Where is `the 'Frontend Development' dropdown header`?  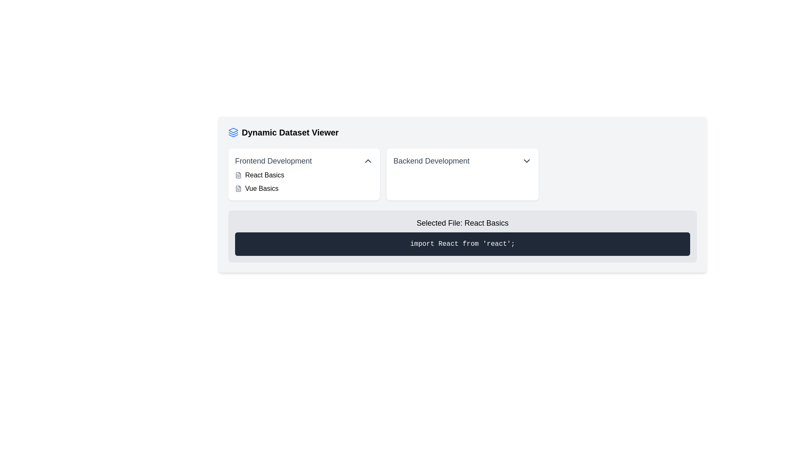
the 'Frontend Development' dropdown header is located at coordinates (304, 161).